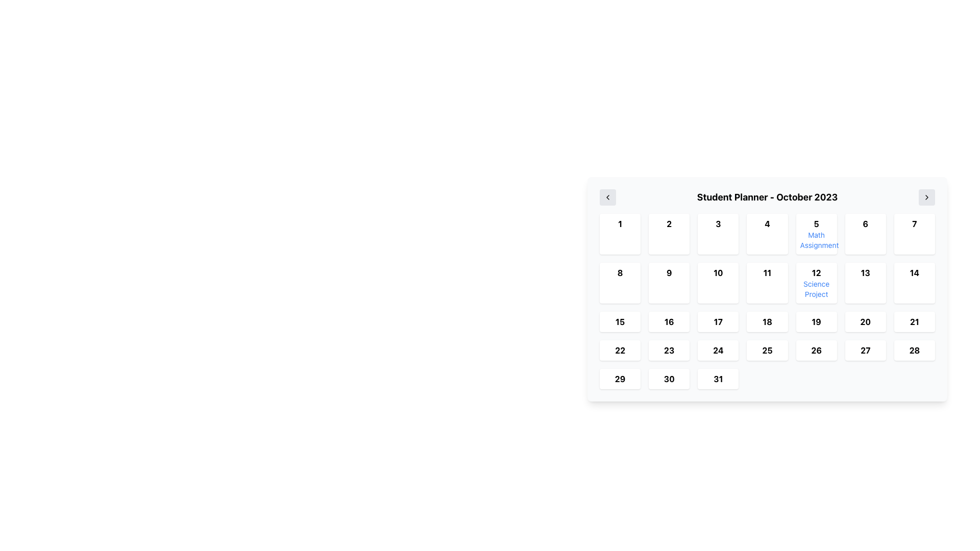  I want to click on the Calendar Date Cell displaying the date '22', which is styled as a white box with rounded edges and bold text, so click(619, 349).